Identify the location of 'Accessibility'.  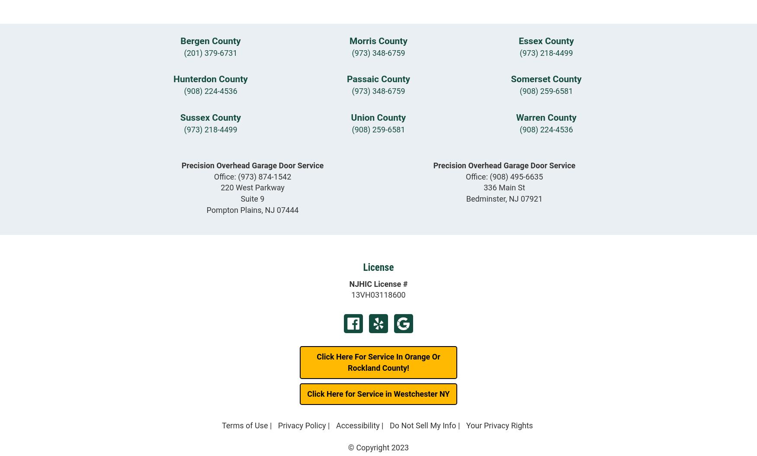
(357, 425).